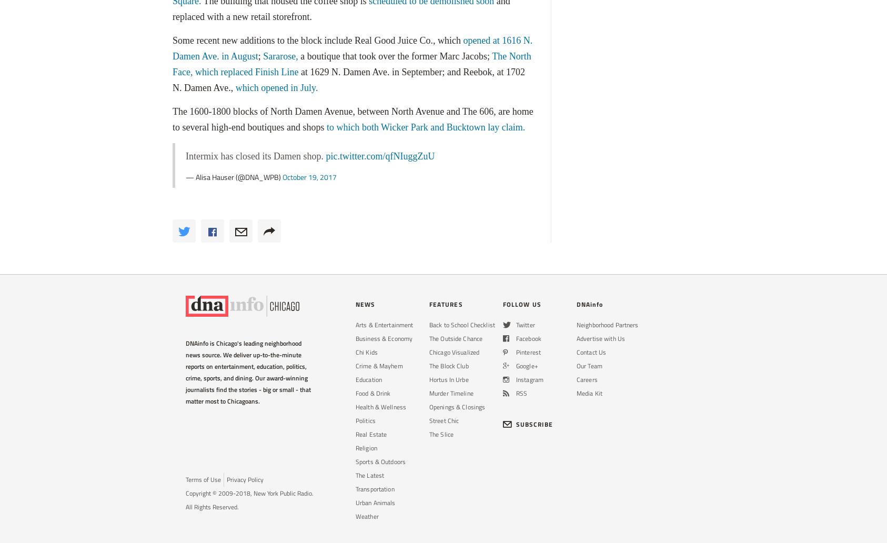 The image size is (887, 543). I want to click on 'Health & Wellness', so click(380, 406).